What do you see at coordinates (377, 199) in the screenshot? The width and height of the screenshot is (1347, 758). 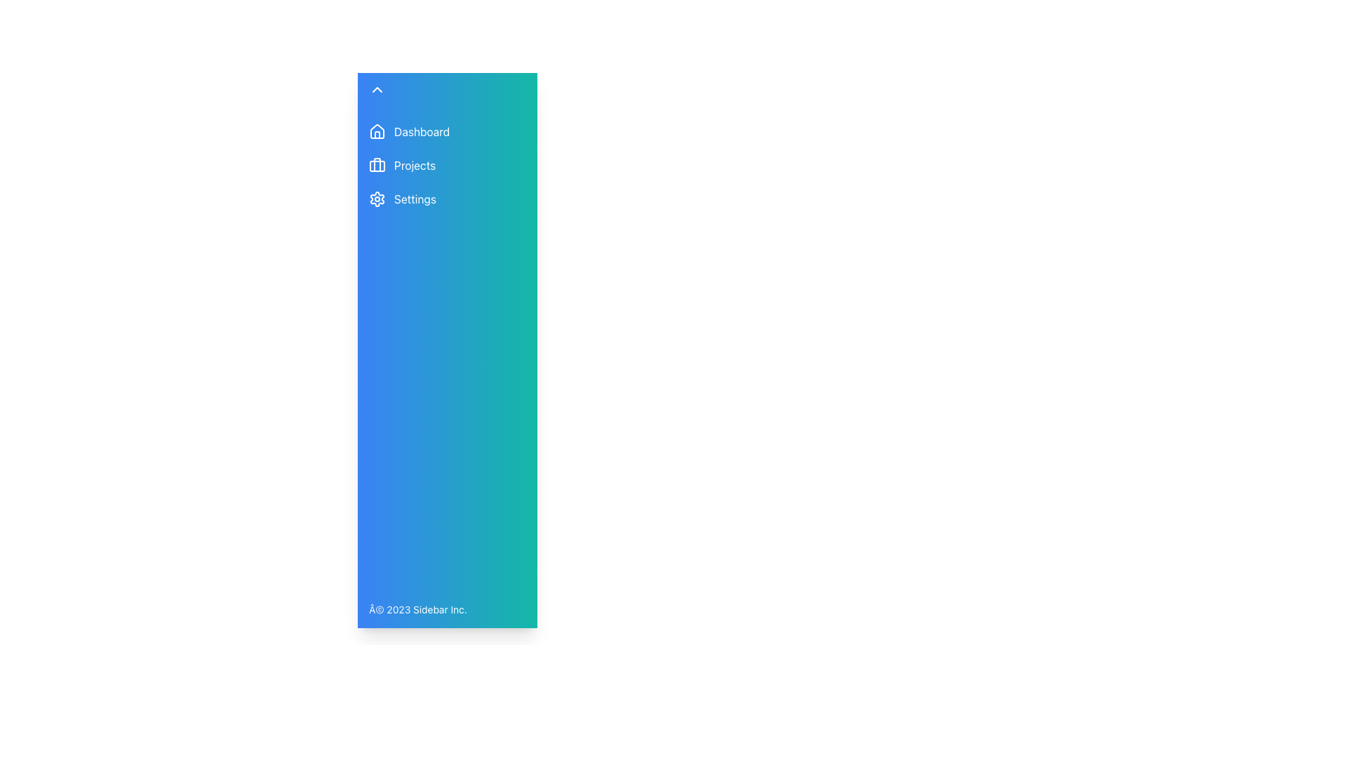 I see `the cogwheel-shaped settings icon located to the left of the text 'Settings' in the vertical navigation menu` at bounding box center [377, 199].